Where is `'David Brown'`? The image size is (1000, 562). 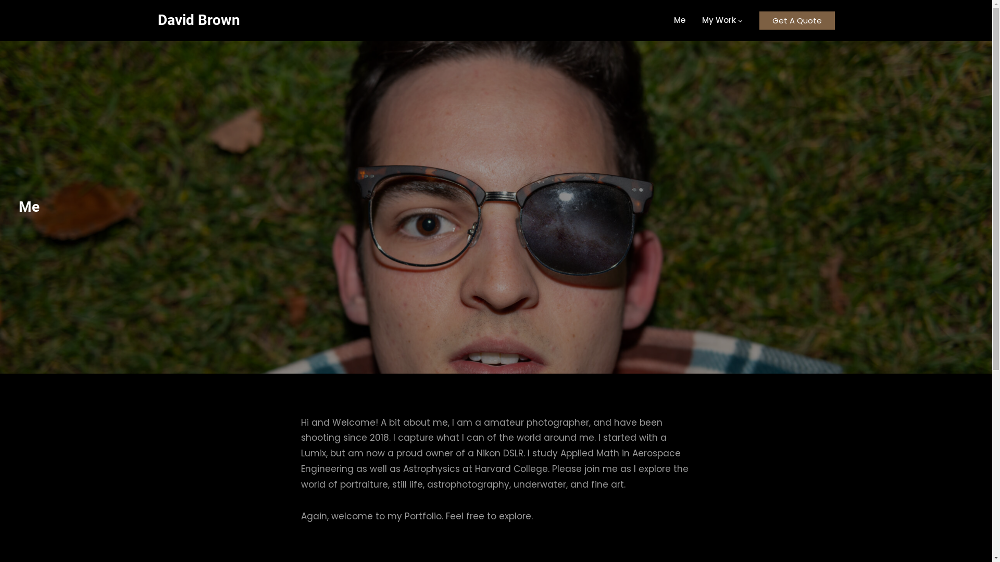
'David Brown' is located at coordinates (198, 21).